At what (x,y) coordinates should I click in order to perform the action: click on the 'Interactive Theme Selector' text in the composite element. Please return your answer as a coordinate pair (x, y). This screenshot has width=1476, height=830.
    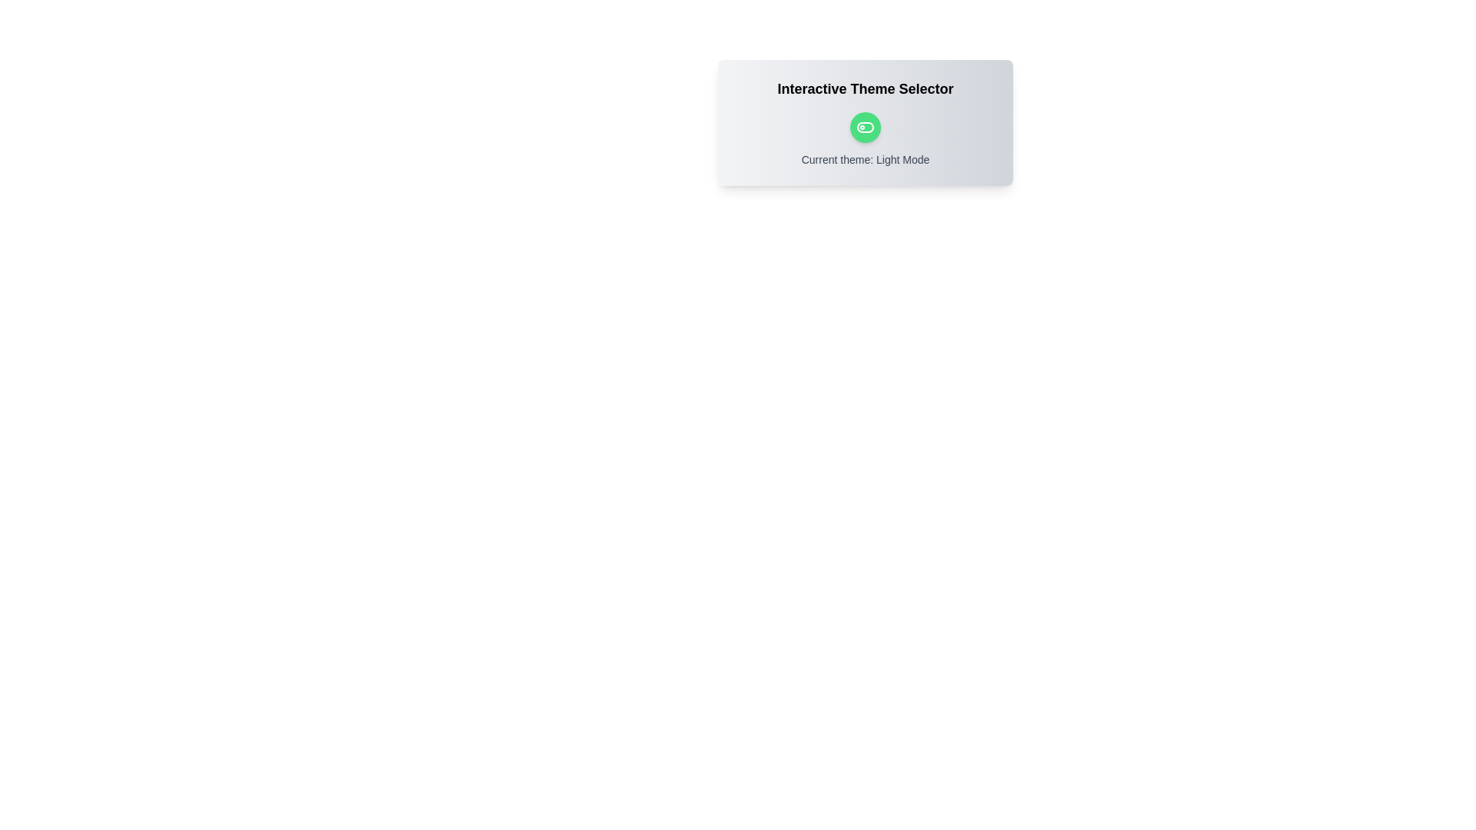
    Looking at the image, I should click on (866, 121).